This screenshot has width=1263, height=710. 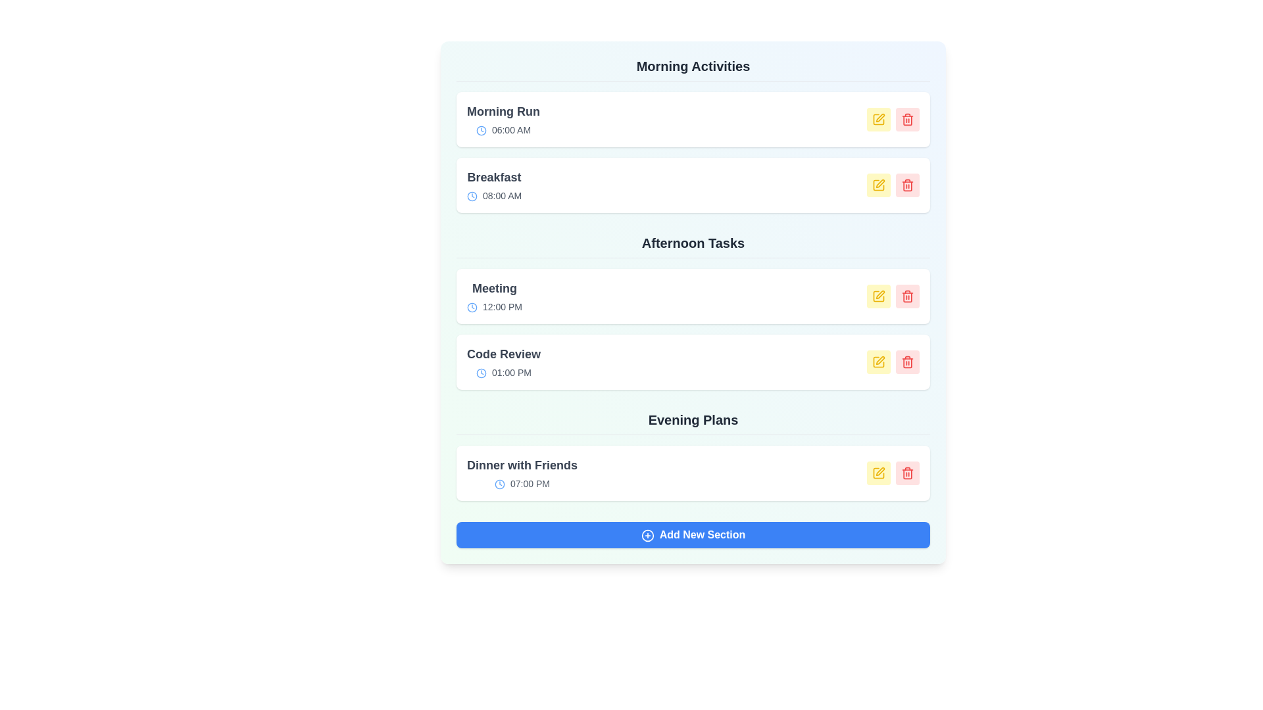 I want to click on delete button for the event Breakfast, so click(x=907, y=185).